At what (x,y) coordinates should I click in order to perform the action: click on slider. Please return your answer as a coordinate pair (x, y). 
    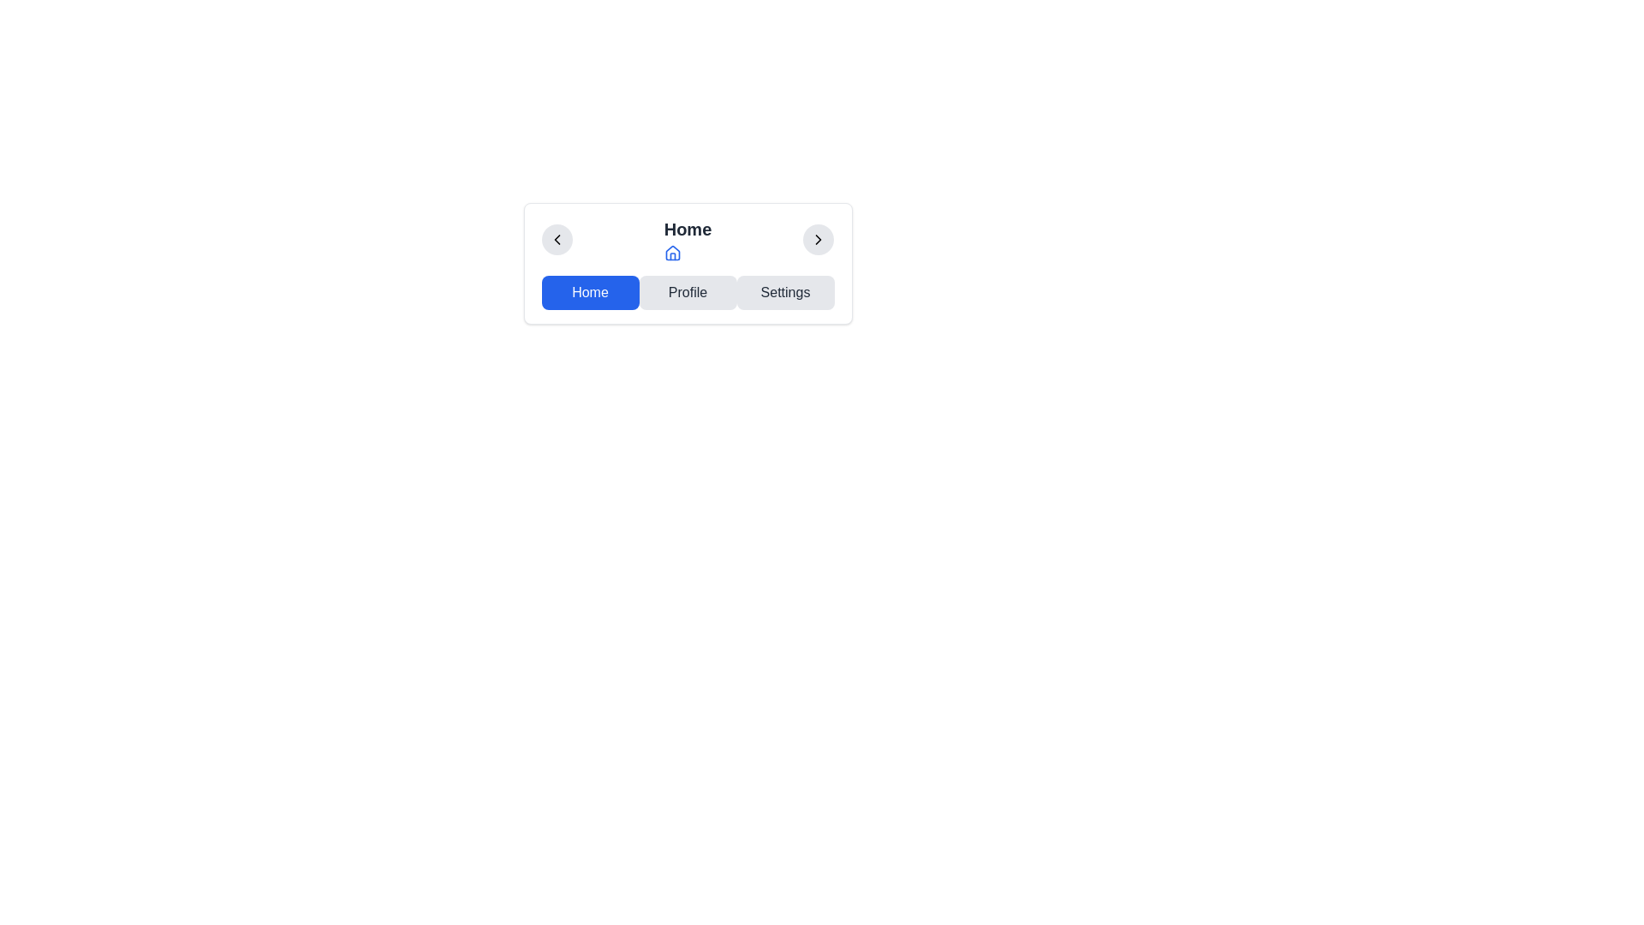
    Looking at the image, I should click on (568, 240).